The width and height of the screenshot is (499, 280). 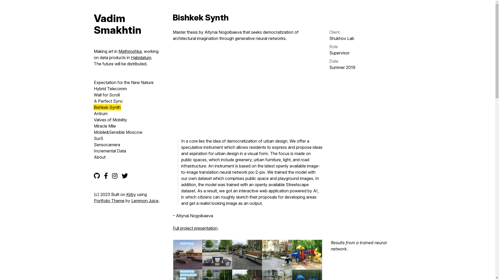 What do you see at coordinates (123, 82) in the screenshot?
I see `'Expectation for the New Nature'` at bounding box center [123, 82].